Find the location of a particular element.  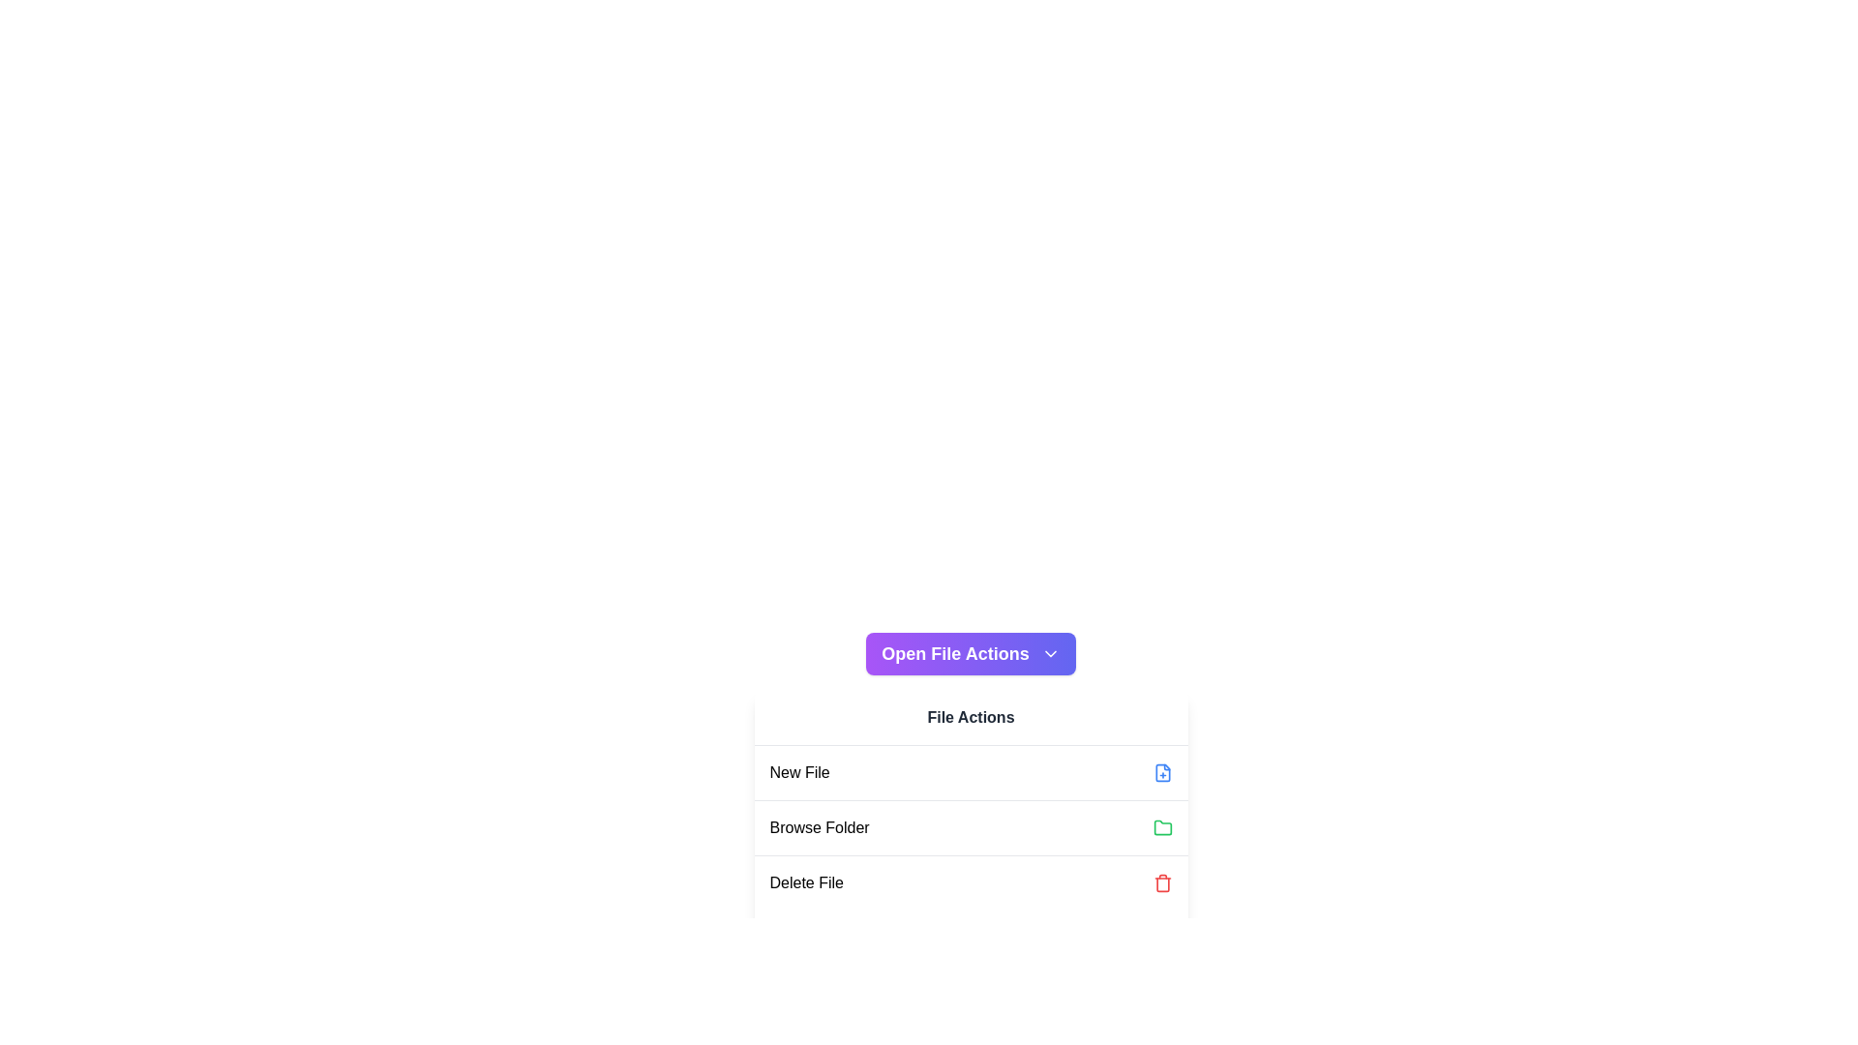

the 'Browse Folder' button in the menu list is located at coordinates (971, 827).